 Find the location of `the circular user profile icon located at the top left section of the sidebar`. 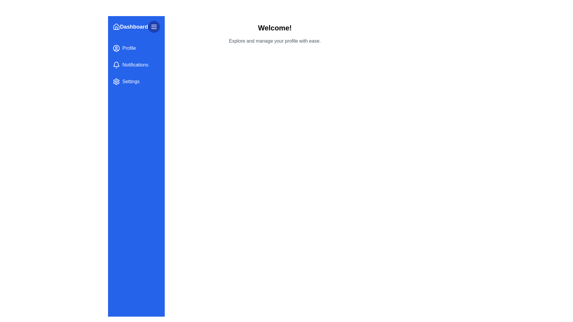

the circular user profile icon located at the top left section of the sidebar is located at coordinates (116, 48).